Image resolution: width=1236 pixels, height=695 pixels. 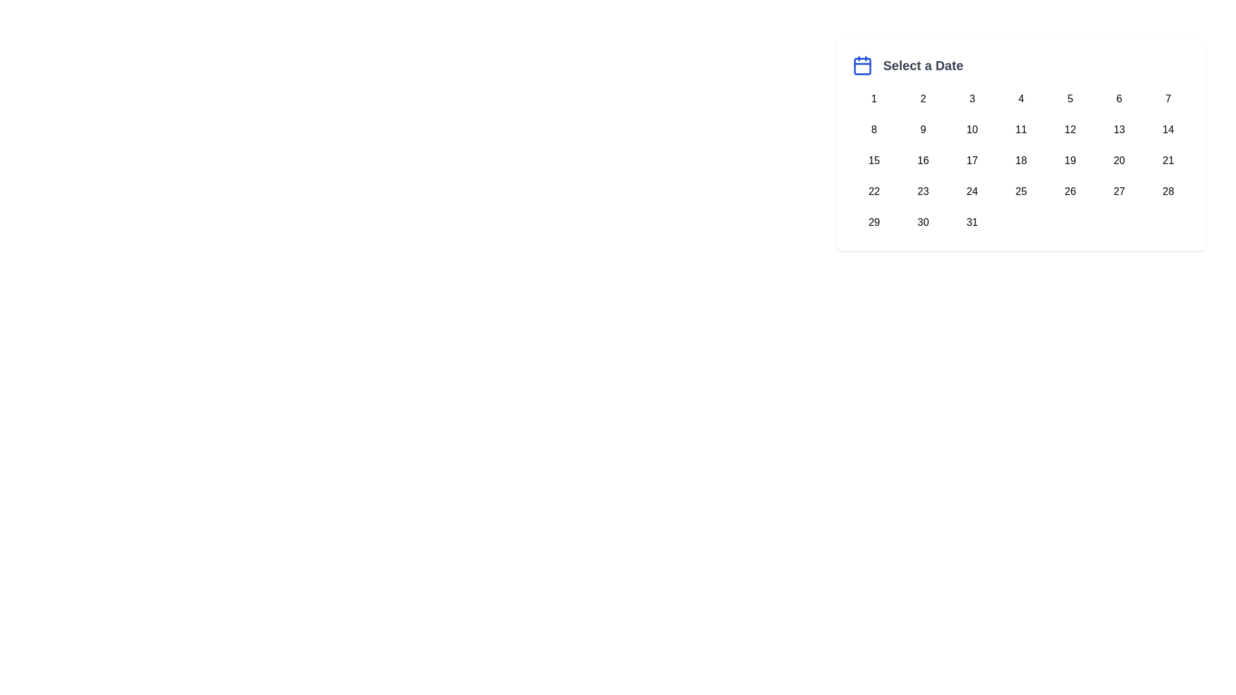 What do you see at coordinates (1020, 160) in the screenshot?
I see `the selectable dates within the grid of the calendar interface, which is centered horizontally within a card with a calendar icon and header text` at bounding box center [1020, 160].